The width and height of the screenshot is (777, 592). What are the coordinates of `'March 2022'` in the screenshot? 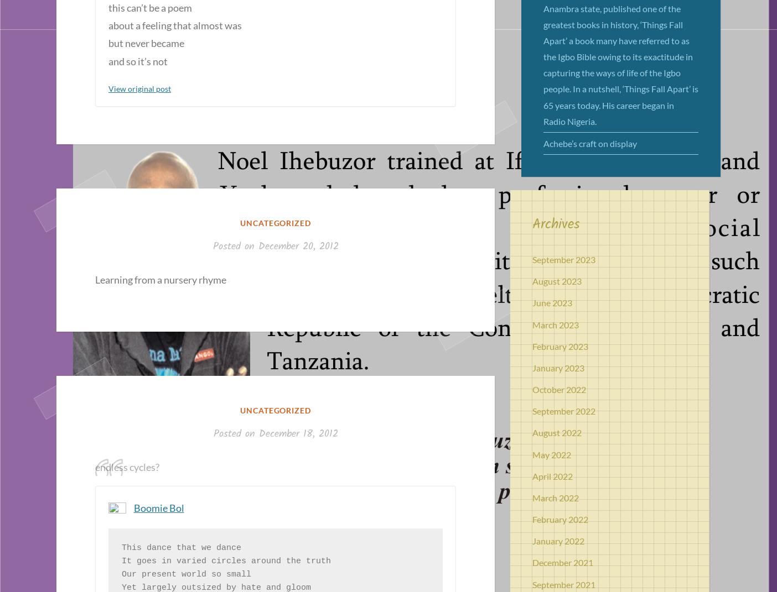 It's located at (556, 497).